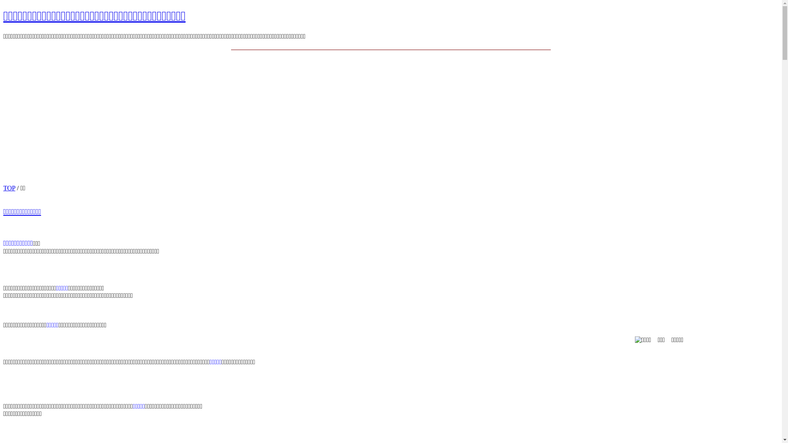  I want to click on 'TOP', so click(3, 188).